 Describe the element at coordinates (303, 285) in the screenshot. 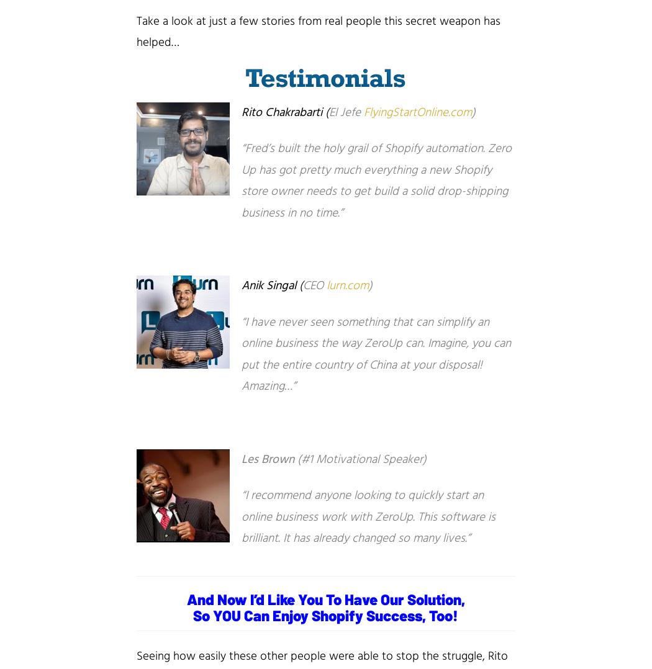

I see `'CEO'` at that location.